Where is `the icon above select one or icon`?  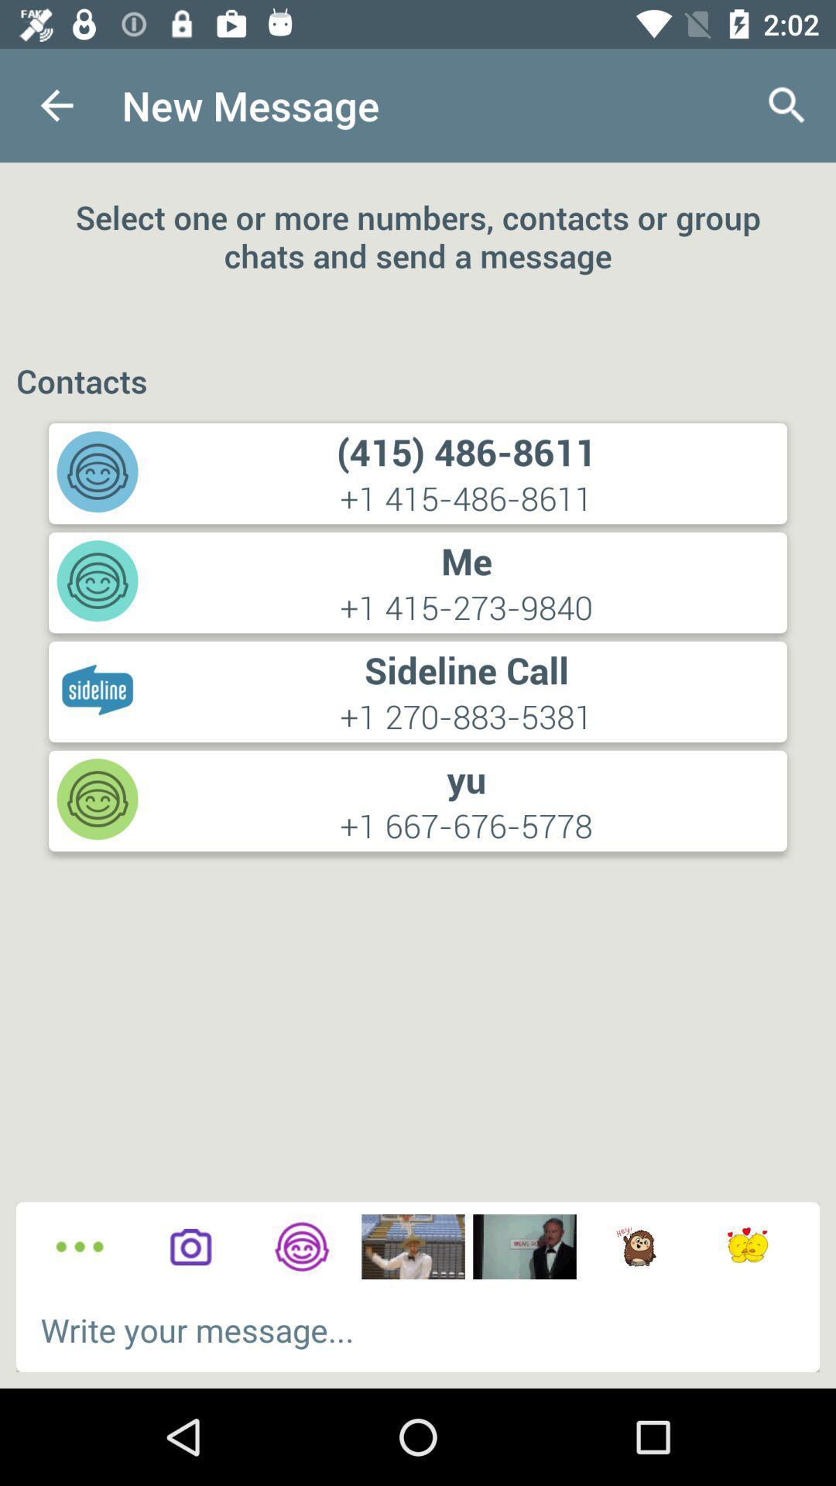
the icon above select one or icon is located at coordinates (787, 104).